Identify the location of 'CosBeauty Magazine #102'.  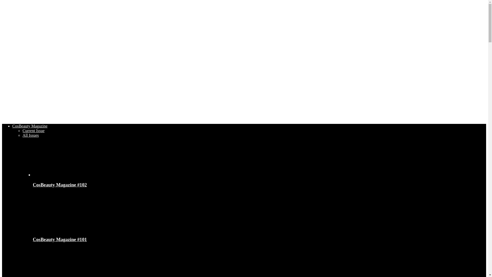
(60, 174).